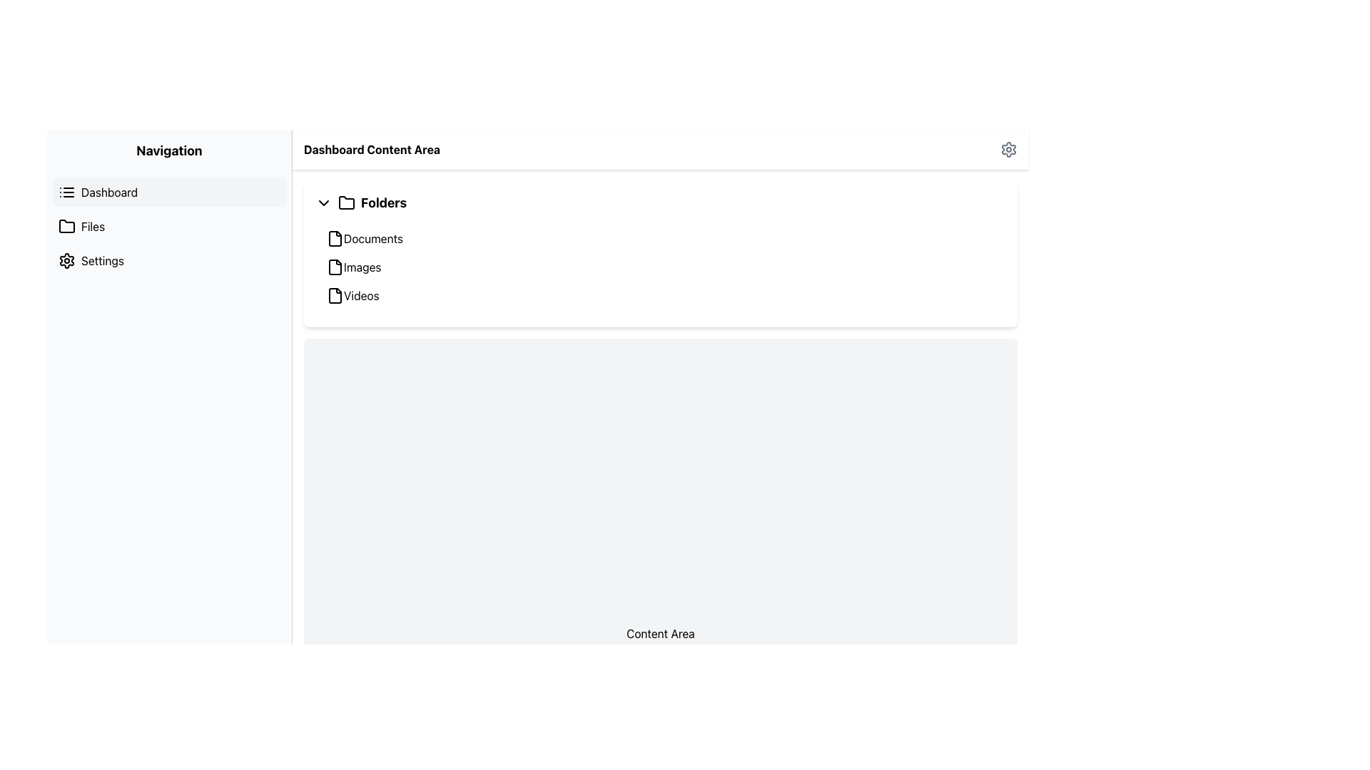 Image resolution: width=1370 pixels, height=770 pixels. I want to click on title of the 'Folders' section label, which is positioned below the 'Dashboard Content Area' heading and to the right of the folder icon, so click(384, 203).